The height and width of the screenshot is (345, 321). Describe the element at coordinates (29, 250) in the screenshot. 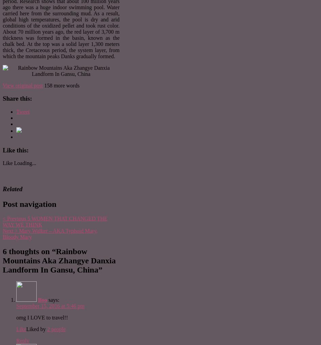

I see `'6 thoughts on “'` at that location.